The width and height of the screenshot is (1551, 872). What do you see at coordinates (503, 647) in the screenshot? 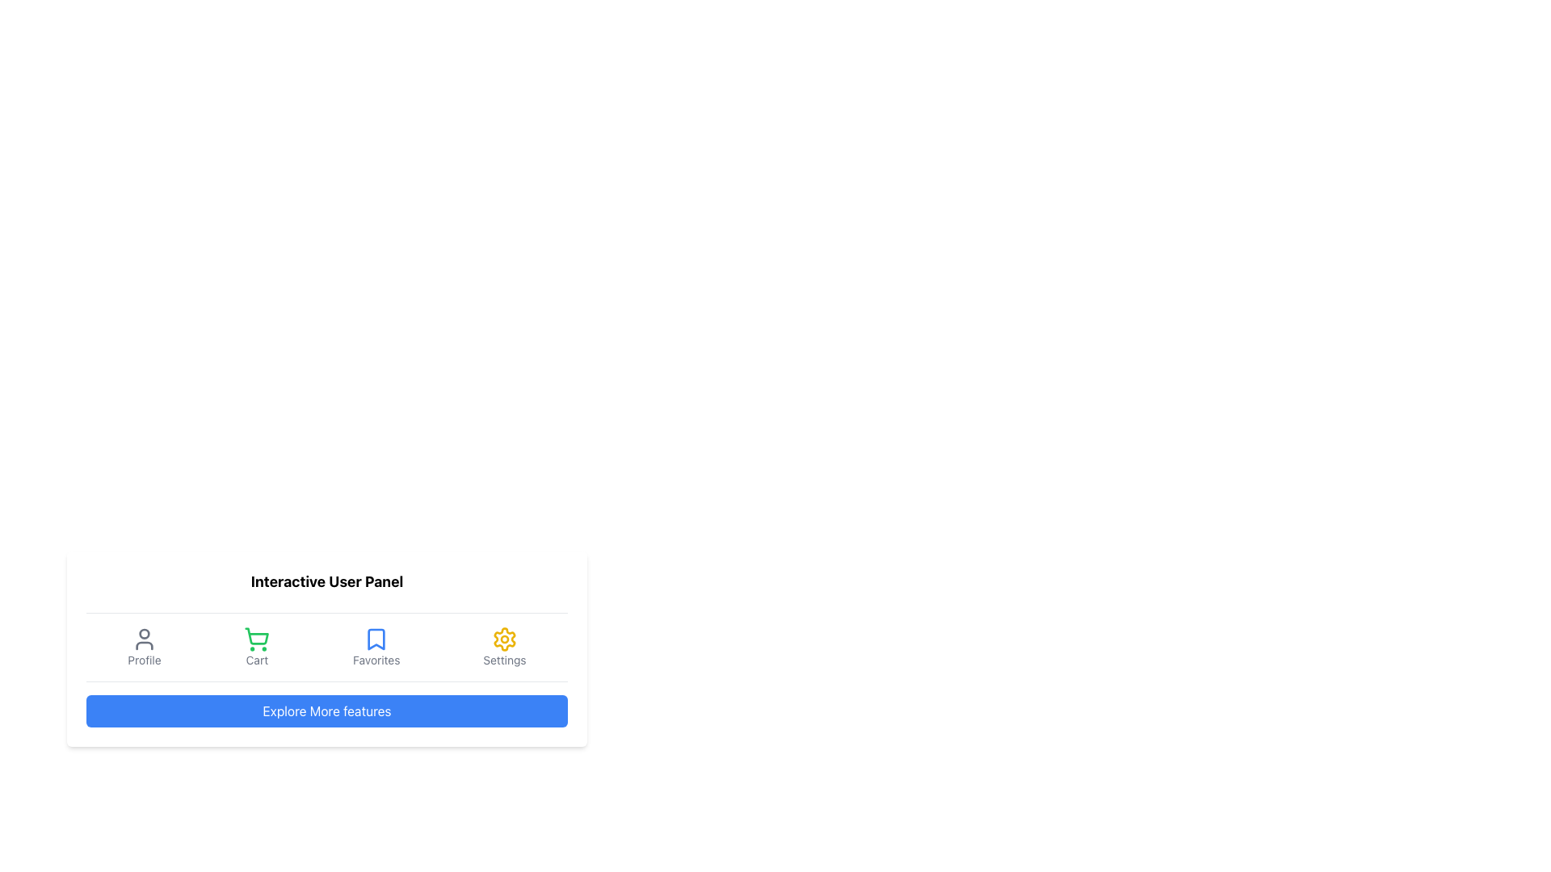
I see `the settings button located at the far-right position of the horizontal menu bar, adjacent` at bounding box center [503, 647].